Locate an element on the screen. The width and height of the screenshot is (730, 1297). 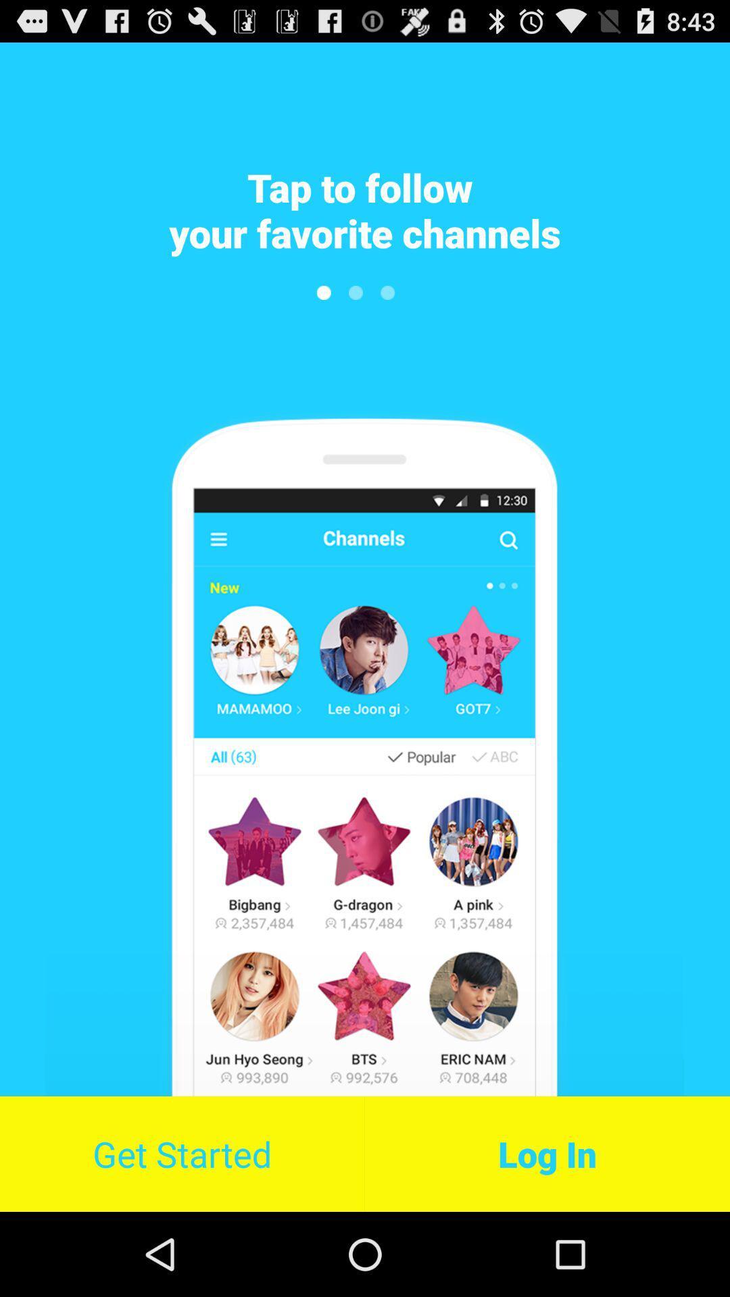
the log in is located at coordinates (547, 1153).